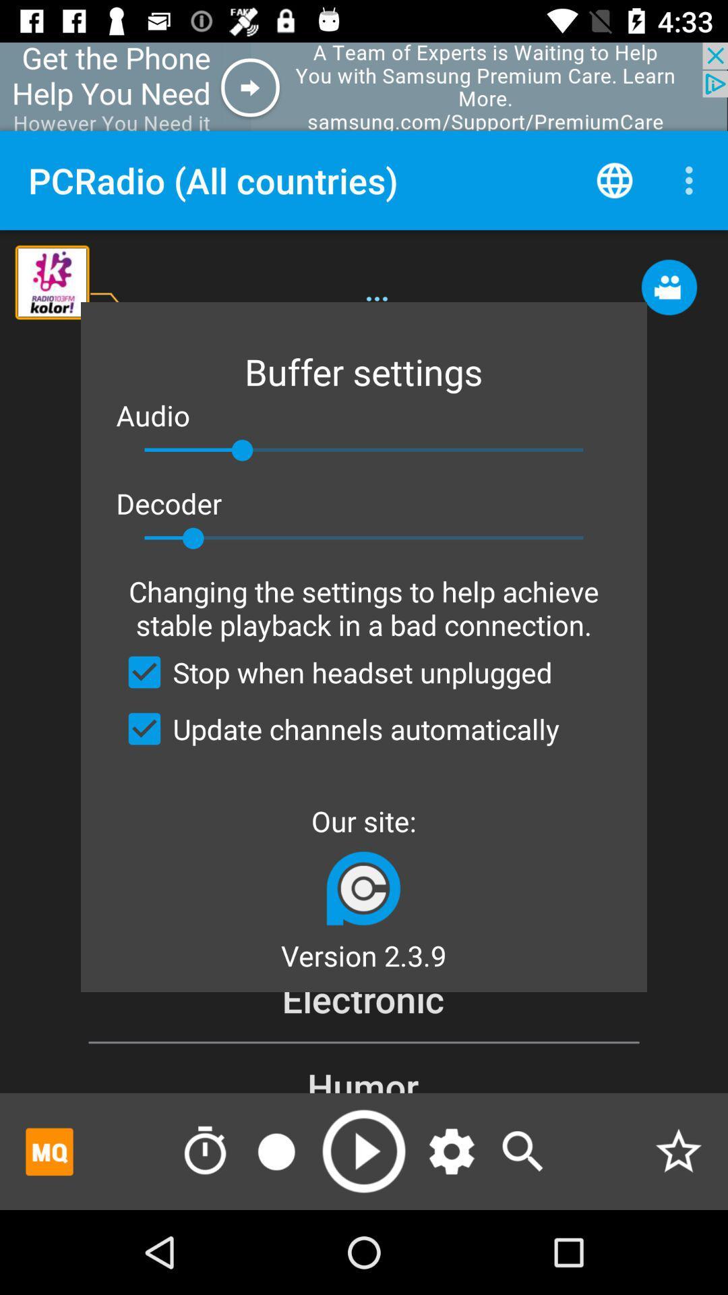 Image resolution: width=728 pixels, height=1295 pixels. Describe the element at coordinates (363, 888) in the screenshot. I see `link to app 's website` at that location.